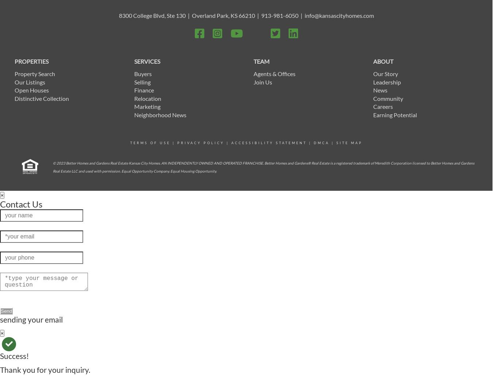 The height and width of the screenshot is (379, 498). What do you see at coordinates (339, 15) in the screenshot?
I see `'info@kansascityhomes.com'` at bounding box center [339, 15].